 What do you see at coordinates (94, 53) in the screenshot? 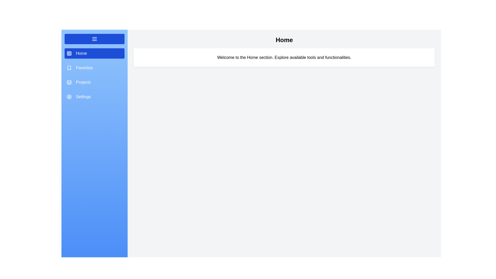
I see `the section Home from the menu` at bounding box center [94, 53].